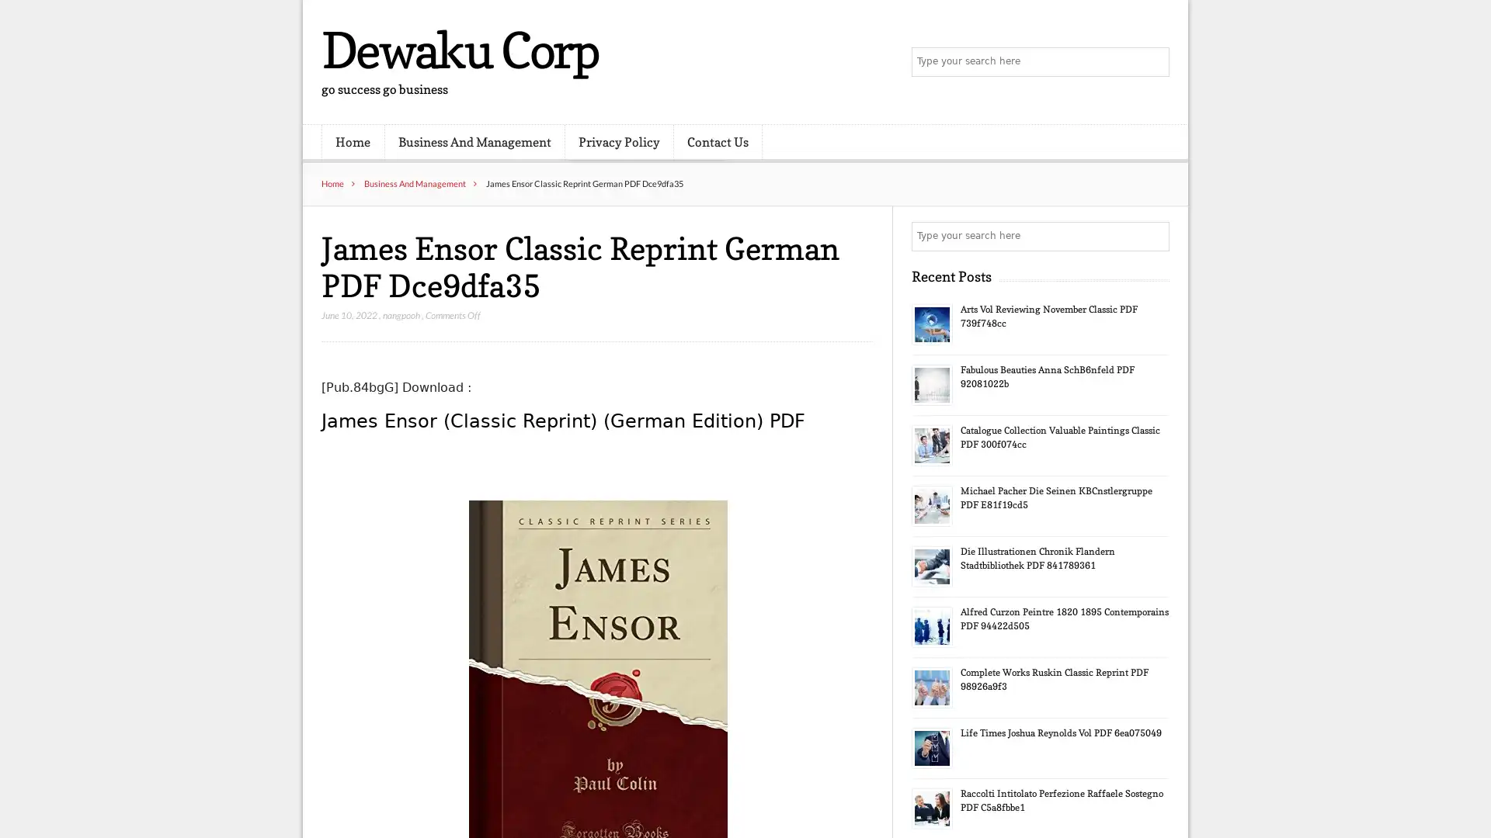 The width and height of the screenshot is (1491, 838). I want to click on Search, so click(1153, 236).